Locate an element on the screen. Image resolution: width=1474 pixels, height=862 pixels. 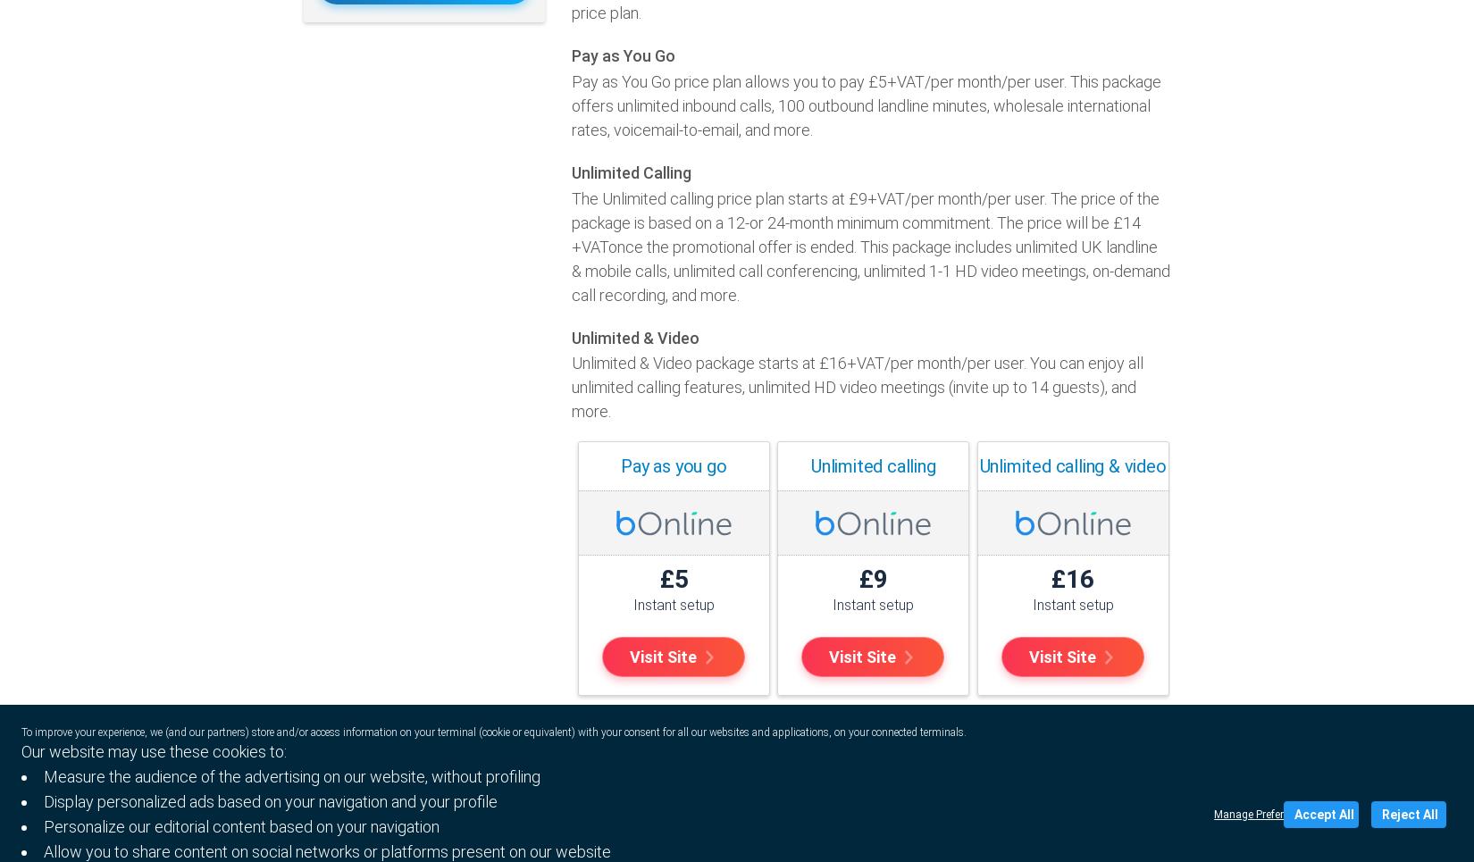
'£5' is located at coordinates (673, 579).